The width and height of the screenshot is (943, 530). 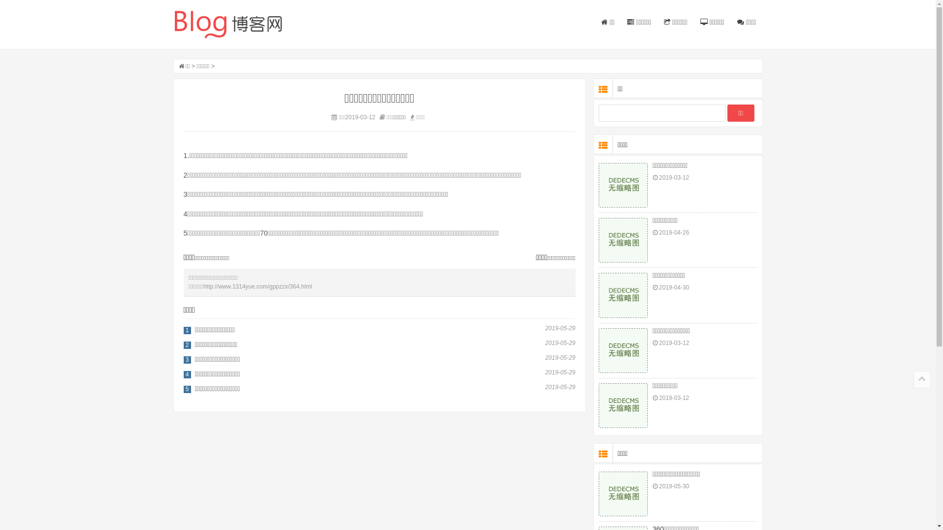 What do you see at coordinates (202, 286) in the screenshot?
I see `'http://www.1314yue.com/gppzzx/364.html'` at bounding box center [202, 286].